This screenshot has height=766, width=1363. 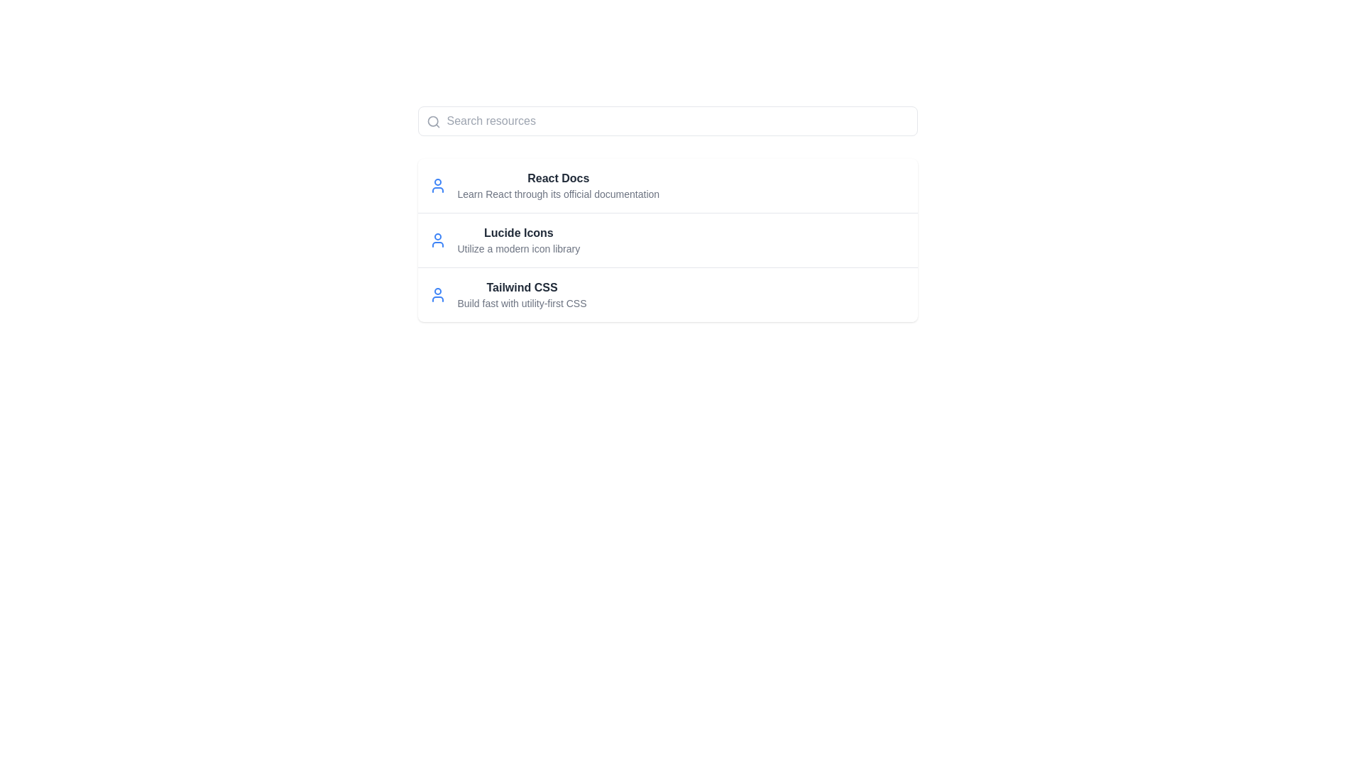 What do you see at coordinates (667, 213) in the screenshot?
I see `information presented in the second list item about 'Lucide Icons', which is located below the 'React Docs' and above 'Tailwind CSS'` at bounding box center [667, 213].